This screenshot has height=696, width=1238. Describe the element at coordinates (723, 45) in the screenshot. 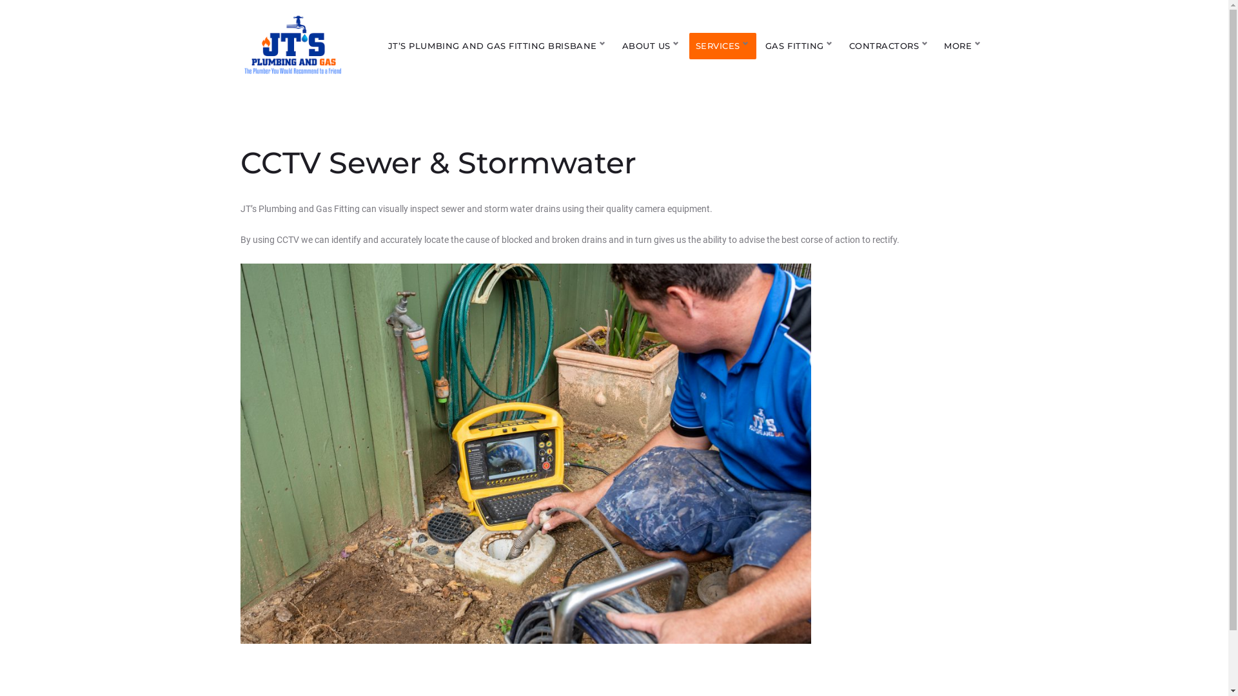

I see `'SERVICES'` at that location.